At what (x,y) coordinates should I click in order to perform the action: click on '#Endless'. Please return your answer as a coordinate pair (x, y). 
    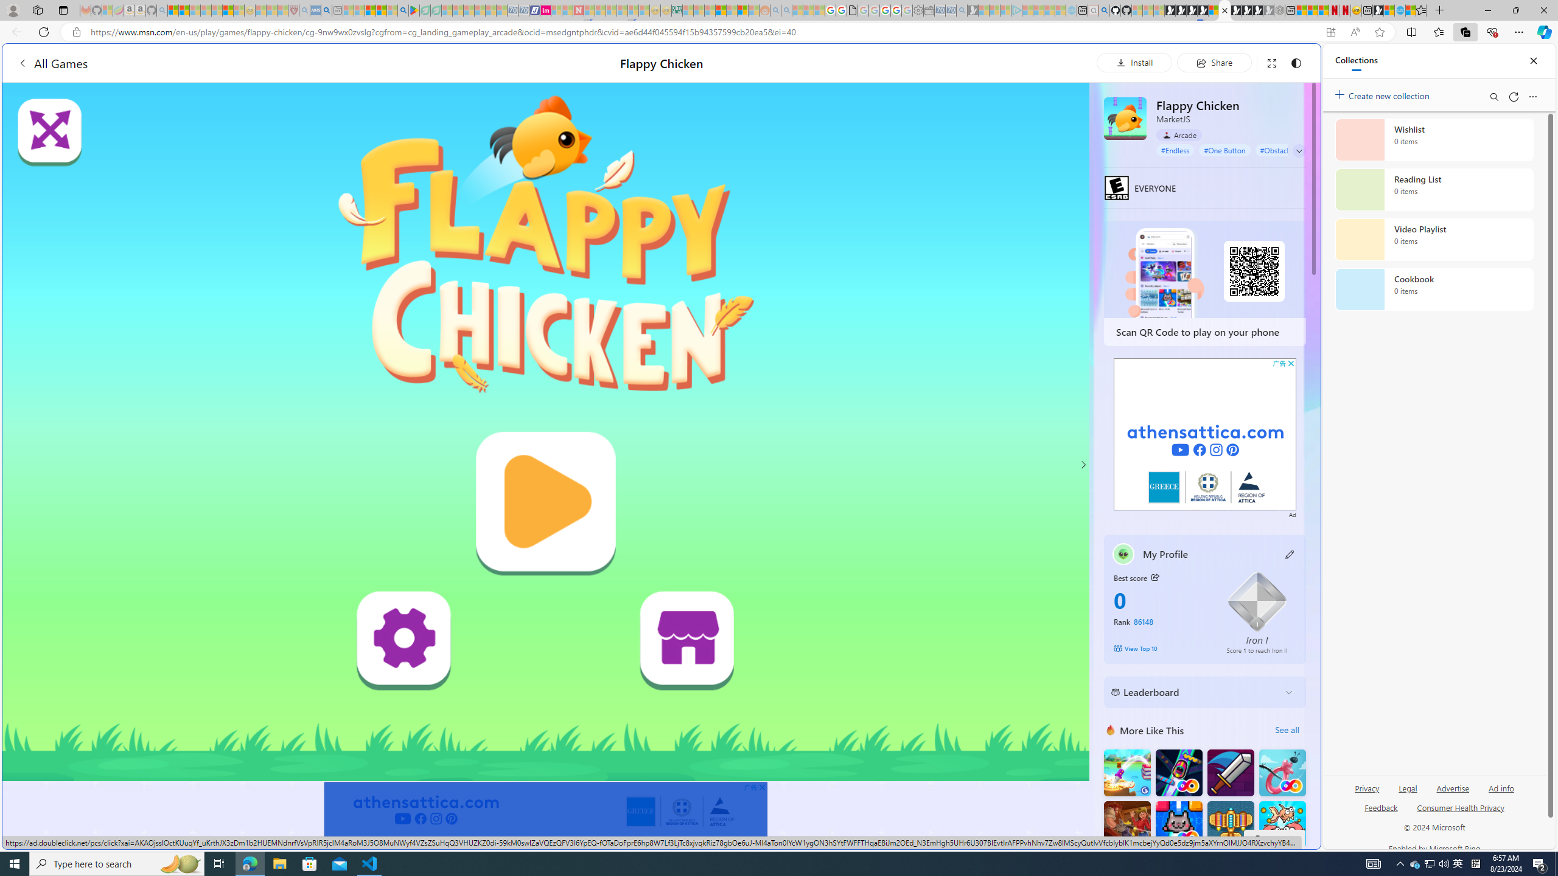
    Looking at the image, I should click on (1175, 149).